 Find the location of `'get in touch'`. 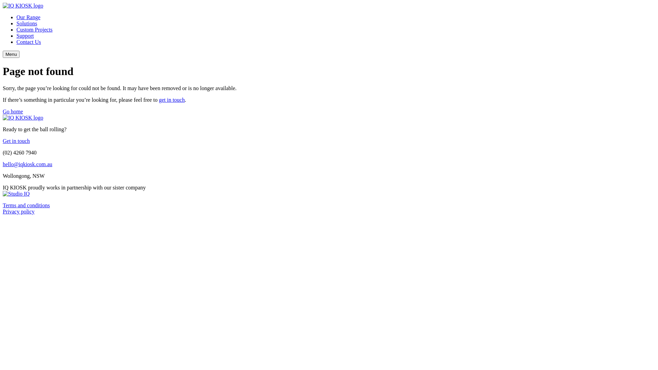

'get in touch' is located at coordinates (159, 100).